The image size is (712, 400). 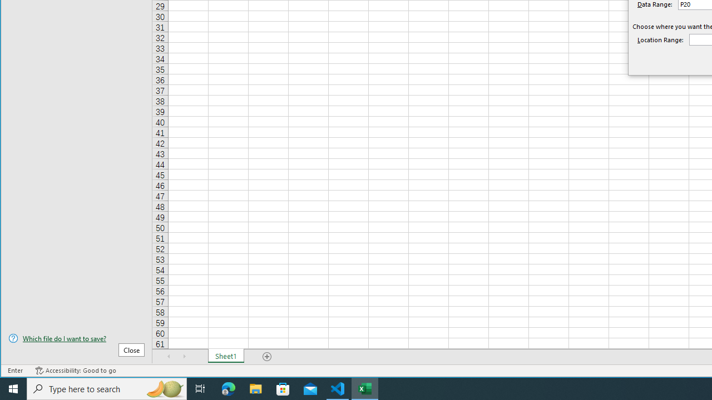 I want to click on 'Scroll Right', so click(x=184, y=356).